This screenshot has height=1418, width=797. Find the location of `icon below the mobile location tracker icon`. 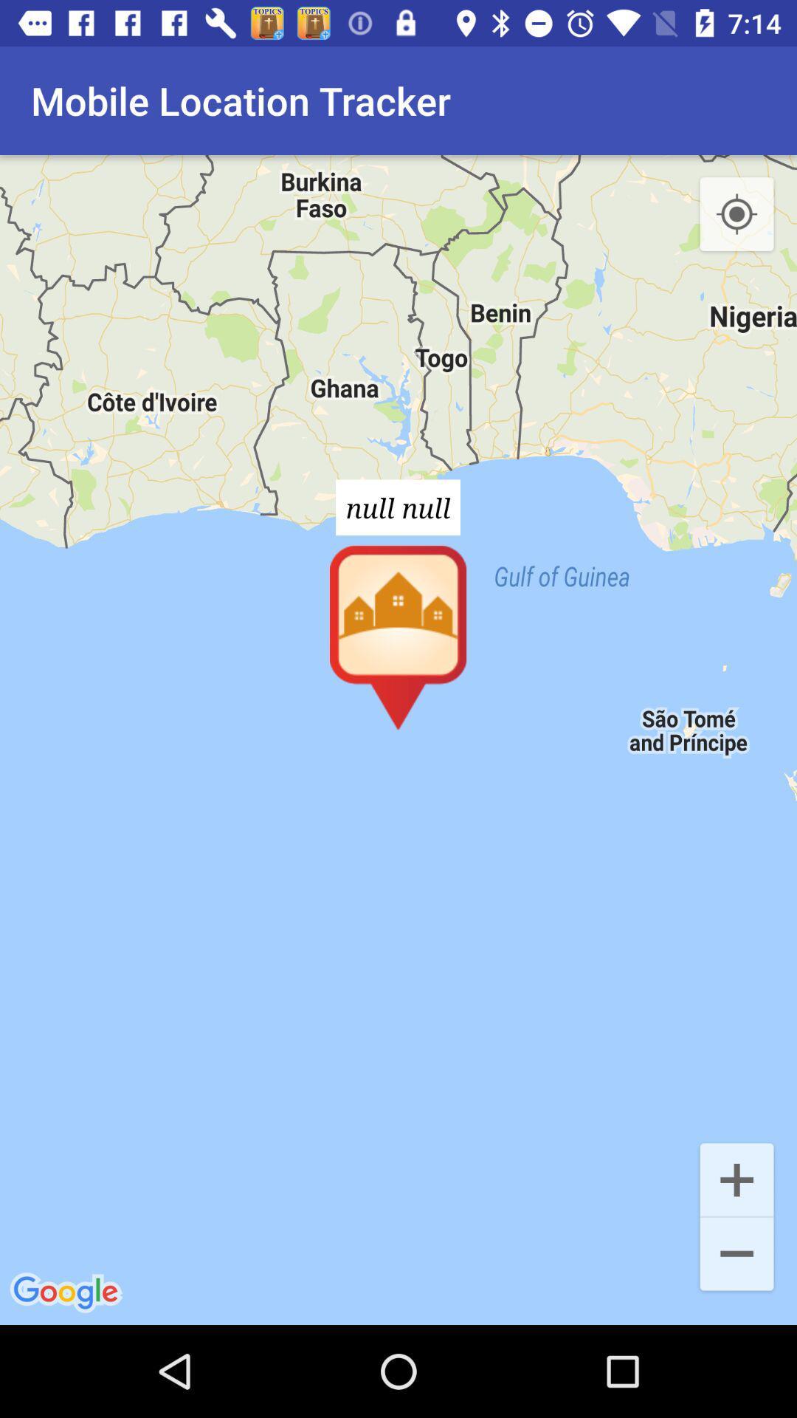

icon below the mobile location tracker icon is located at coordinates (398, 740).